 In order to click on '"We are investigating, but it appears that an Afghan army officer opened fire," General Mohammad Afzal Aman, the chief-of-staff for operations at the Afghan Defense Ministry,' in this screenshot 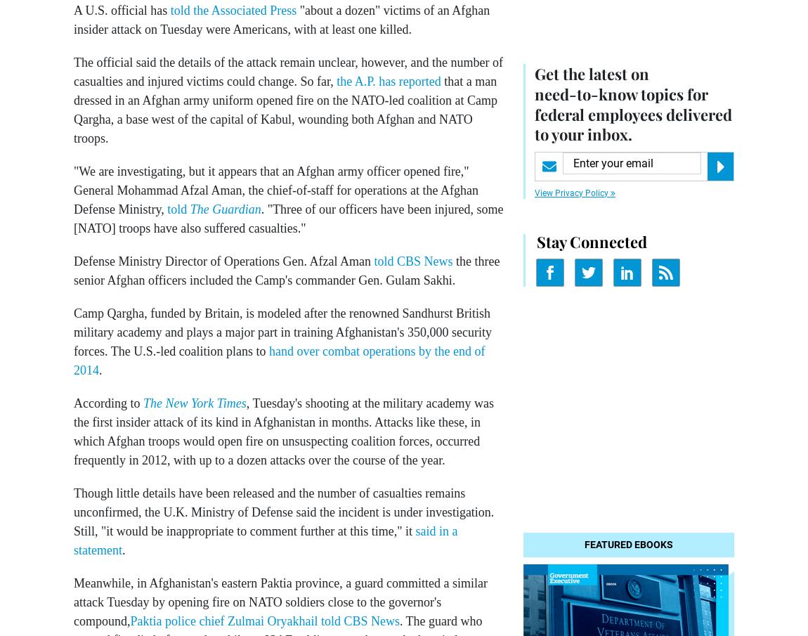, I will do `click(72, 190)`.